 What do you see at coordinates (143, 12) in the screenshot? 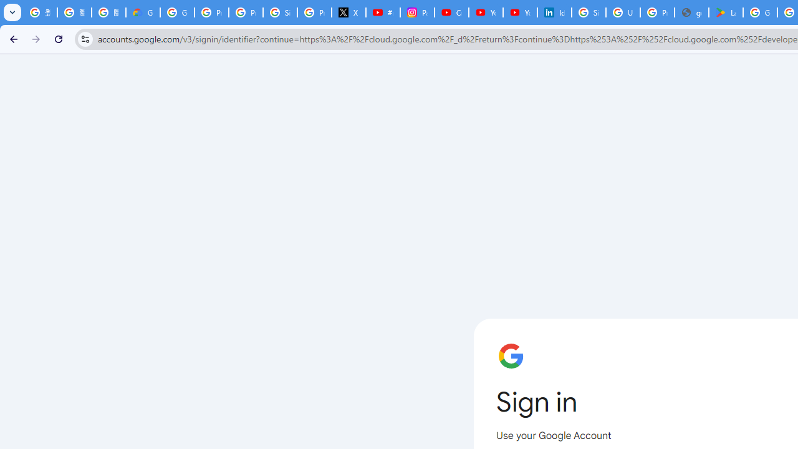
I see `'Google Cloud Privacy Notice'` at bounding box center [143, 12].